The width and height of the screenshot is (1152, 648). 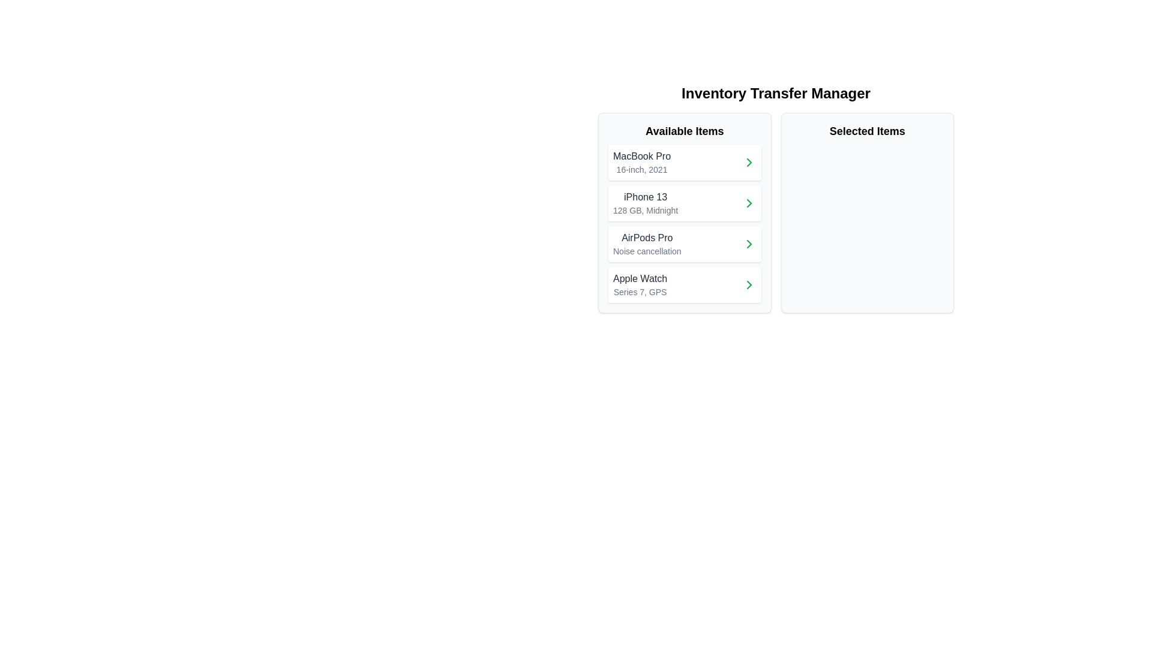 I want to click on the text label displaying 'Selected Items', which is a bold, large font title on a white background within the upper section of its card, so click(x=867, y=131).